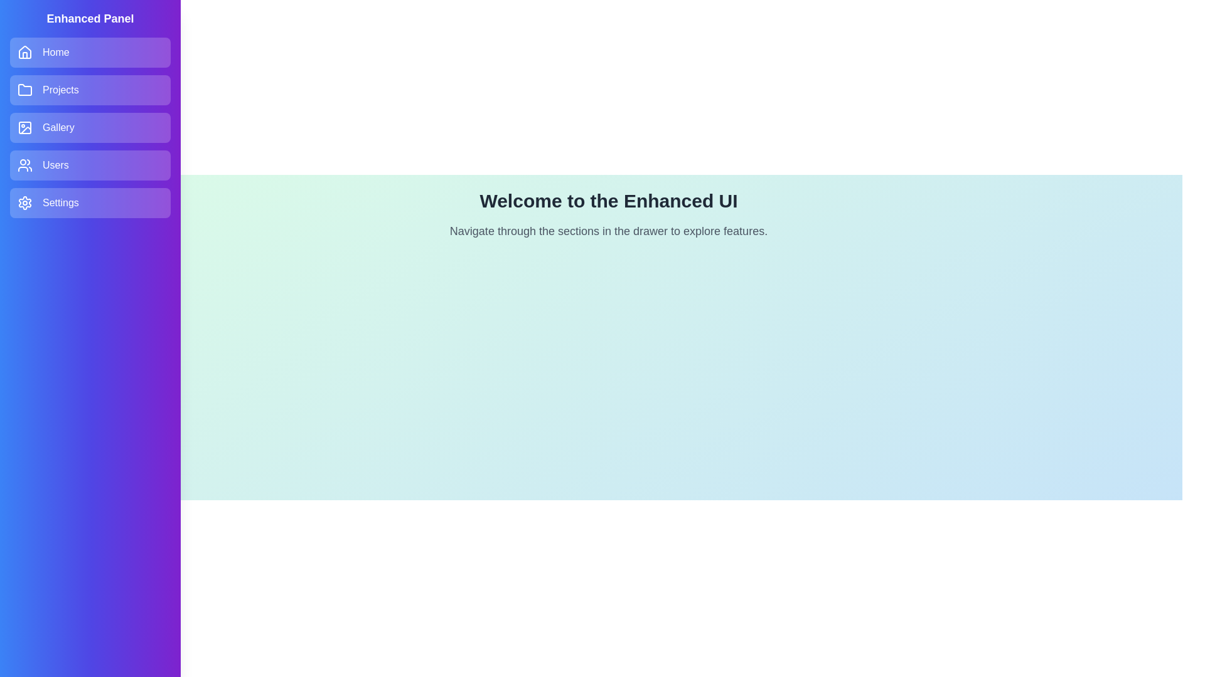 The image size is (1205, 677). I want to click on the Gallery section in the drawer, so click(90, 128).